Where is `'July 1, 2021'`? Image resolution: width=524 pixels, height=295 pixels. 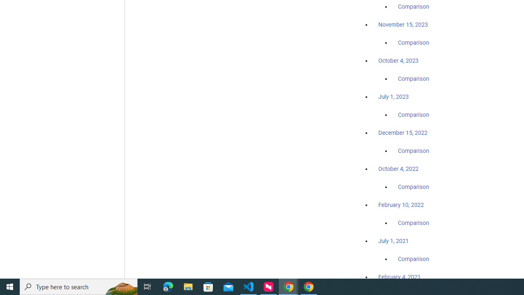 'July 1, 2021' is located at coordinates (393, 240).